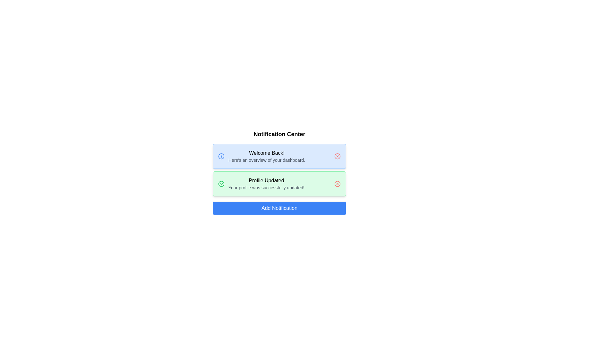 Image resolution: width=616 pixels, height=346 pixels. Describe the element at coordinates (337, 184) in the screenshot. I see `the circular border icon indicating a cancel or remove action, located at the right side of the 'Profile Updated' notification card` at that location.